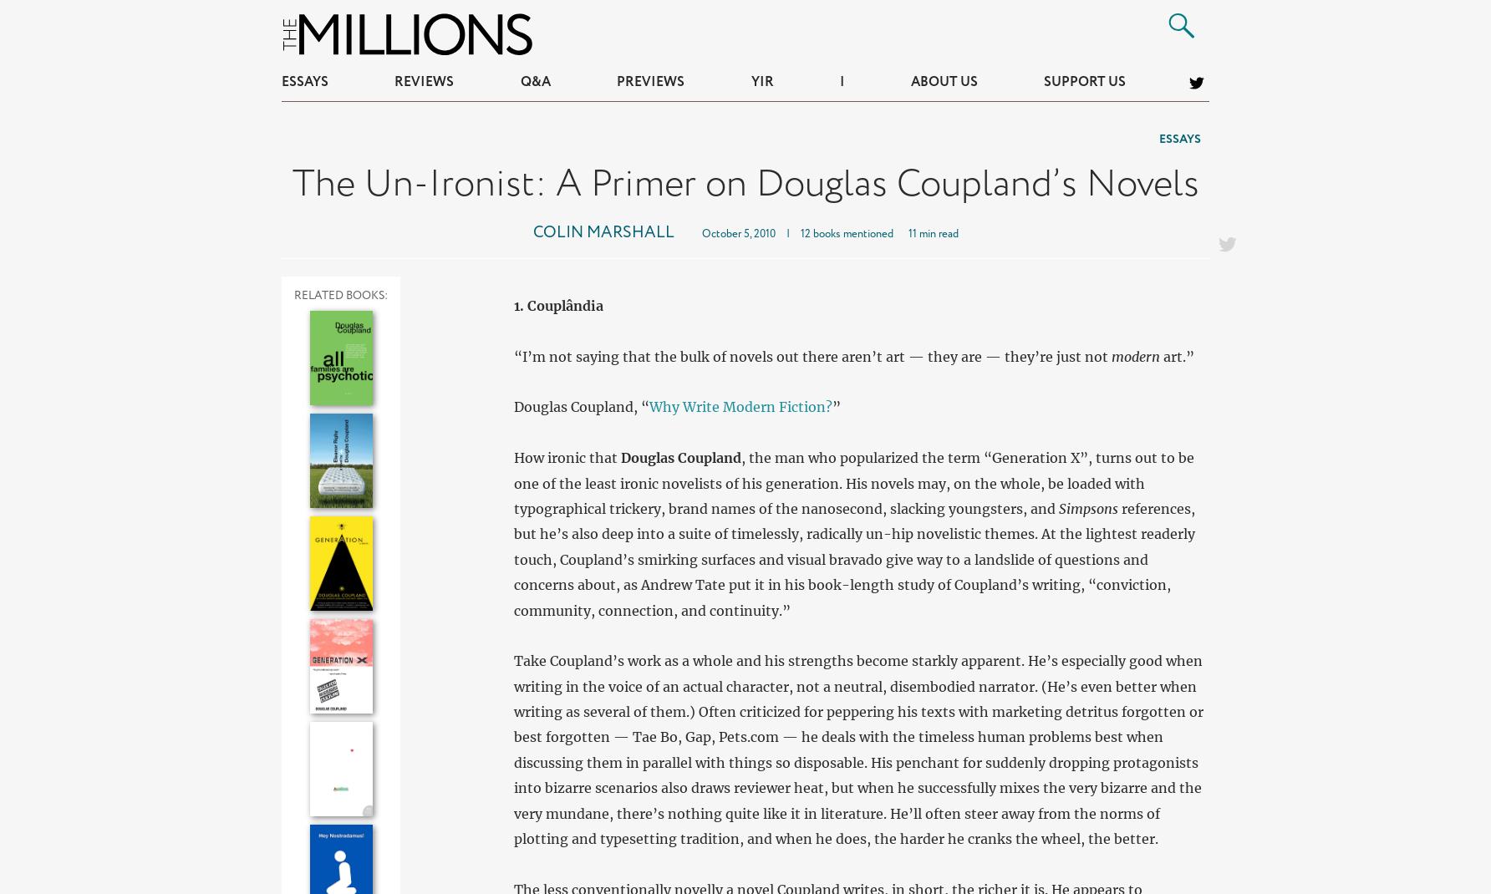 This screenshot has height=894, width=1491. I want to click on 'The Un-Ironist: A Primer on Douglas Coupland’s Novels', so click(744, 183).